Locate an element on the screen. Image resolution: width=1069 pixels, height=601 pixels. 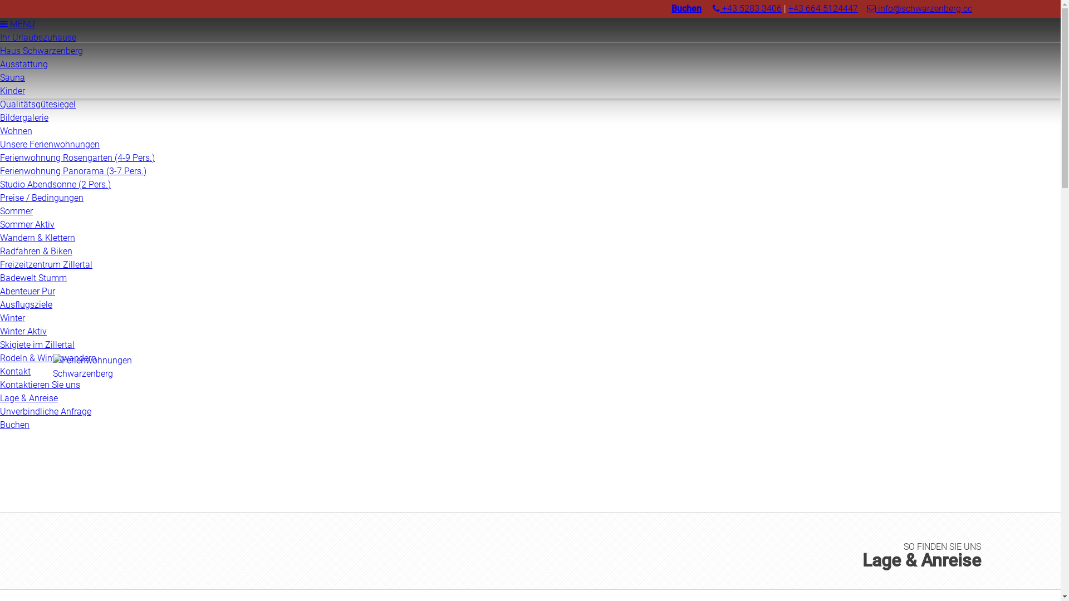
'Rodeln & Winterwandern' is located at coordinates (0, 358).